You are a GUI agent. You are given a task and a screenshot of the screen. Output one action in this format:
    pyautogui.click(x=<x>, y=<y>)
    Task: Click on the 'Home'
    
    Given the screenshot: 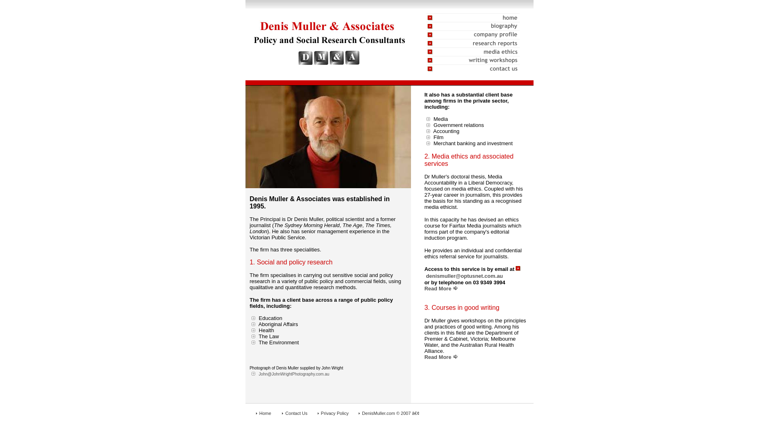 What is the action you would take?
    pyautogui.click(x=265, y=413)
    